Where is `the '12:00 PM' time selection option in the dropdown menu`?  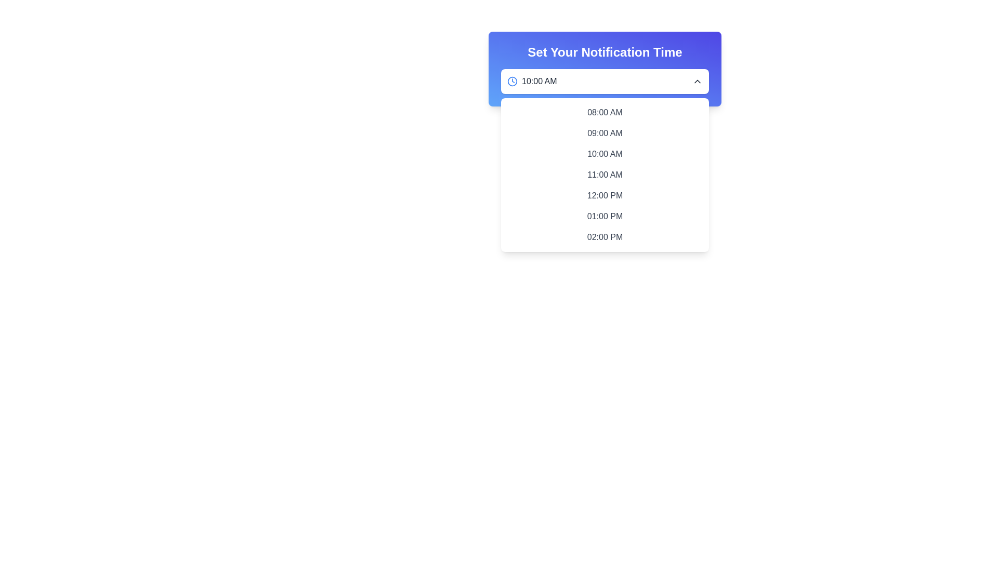 the '12:00 PM' time selection option in the dropdown menu is located at coordinates (605, 196).